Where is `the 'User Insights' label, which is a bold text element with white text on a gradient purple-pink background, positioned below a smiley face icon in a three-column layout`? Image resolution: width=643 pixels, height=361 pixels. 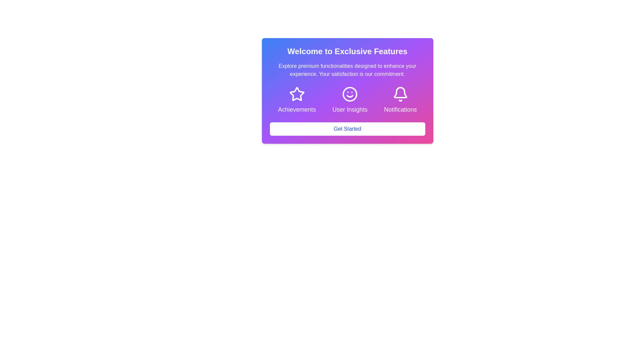
the 'User Insights' label, which is a bold text element with white text on a gradient purple-pink background, positioned below a smiley face icon in a three-column layout is located at coordinates (350, 109).